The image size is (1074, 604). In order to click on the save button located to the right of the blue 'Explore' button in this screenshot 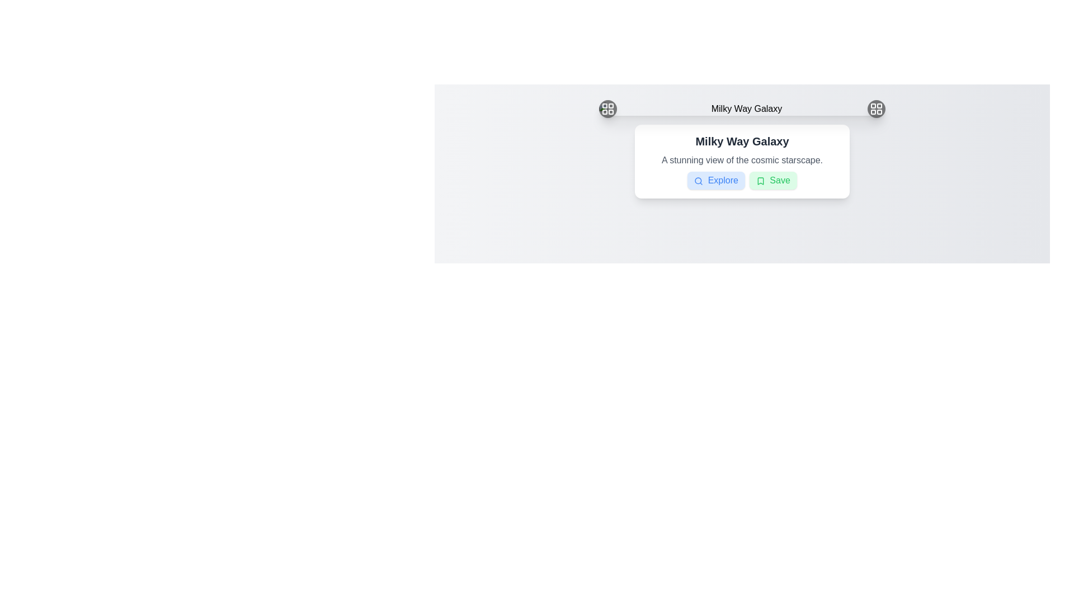, I will do `click(772, 180)`.